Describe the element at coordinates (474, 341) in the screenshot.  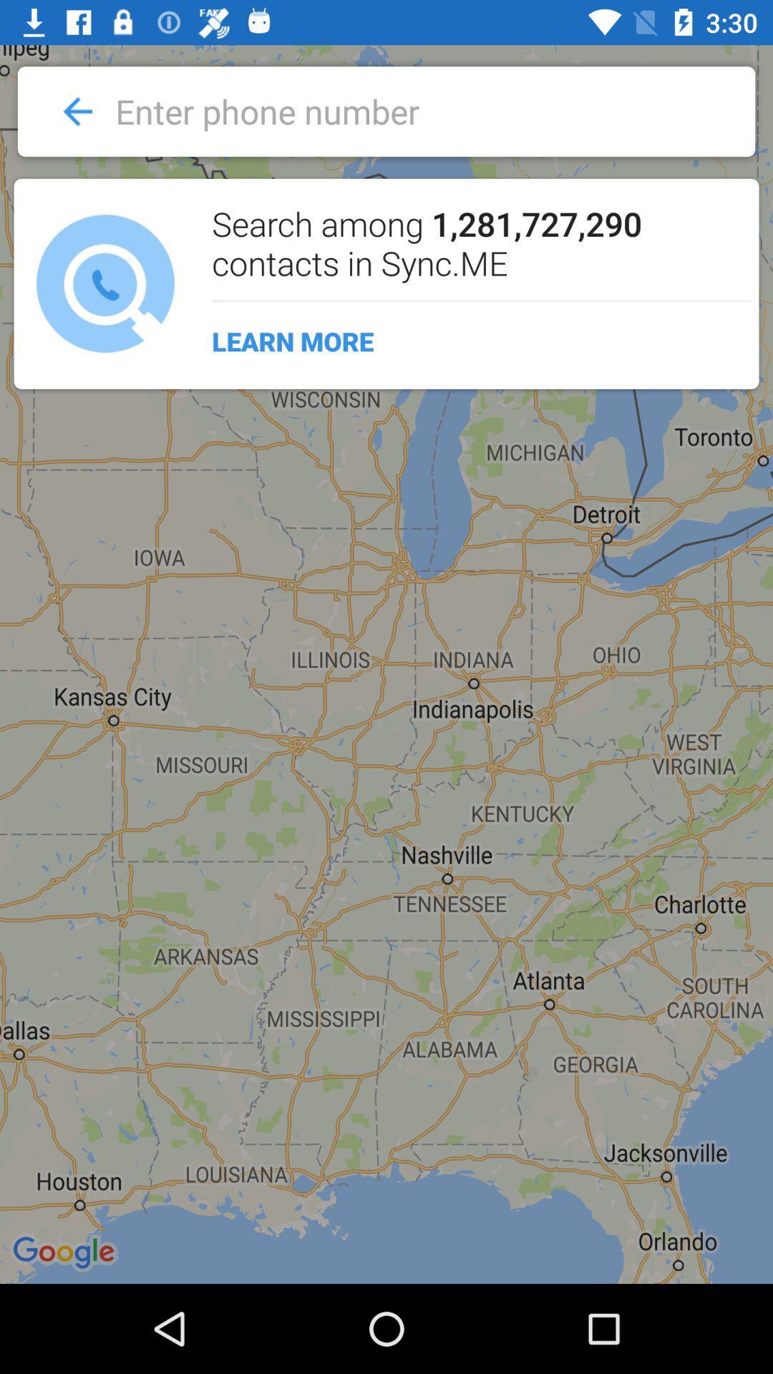
I see `learn more` at that location.